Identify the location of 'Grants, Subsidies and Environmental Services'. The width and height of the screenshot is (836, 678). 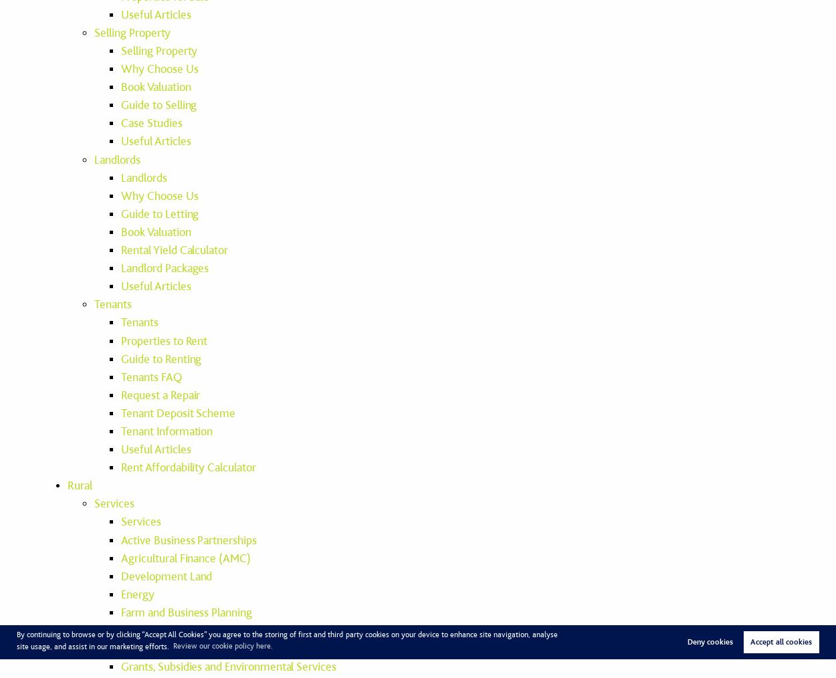
(227, 667).